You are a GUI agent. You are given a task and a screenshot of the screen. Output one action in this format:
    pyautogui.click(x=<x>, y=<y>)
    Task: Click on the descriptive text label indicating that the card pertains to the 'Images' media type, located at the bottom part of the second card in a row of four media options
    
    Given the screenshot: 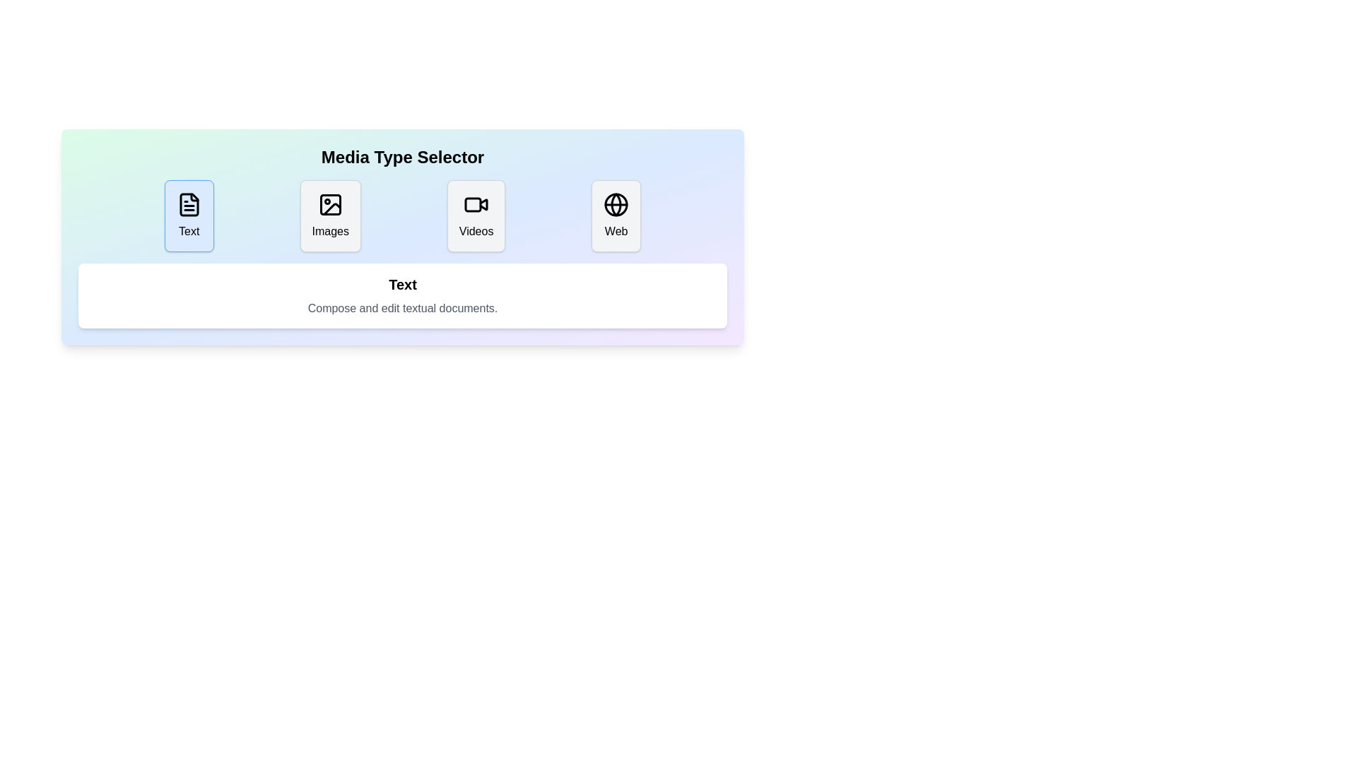 What is the action you would take?
    pyautogui.click(x=329, y=230)
    